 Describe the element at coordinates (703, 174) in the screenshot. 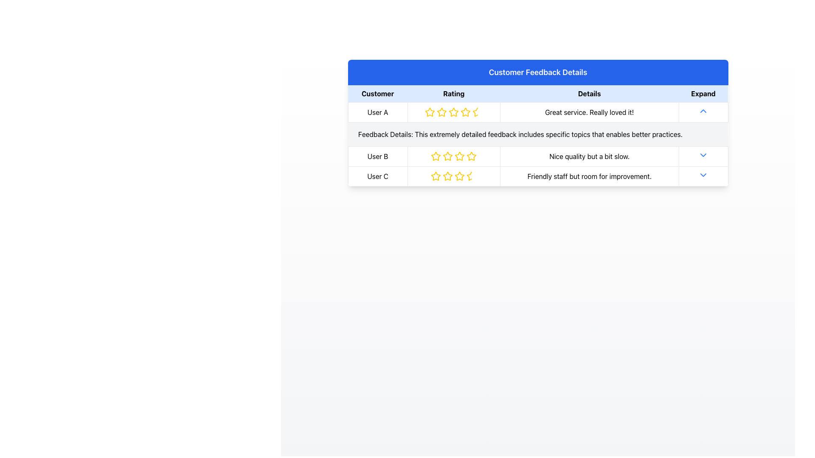

I see `the blue downward-pointing chevron icon located in the 'Expand' column adjacent to the feedback row for 'User C' to observe its visual feedback effects` at that location.